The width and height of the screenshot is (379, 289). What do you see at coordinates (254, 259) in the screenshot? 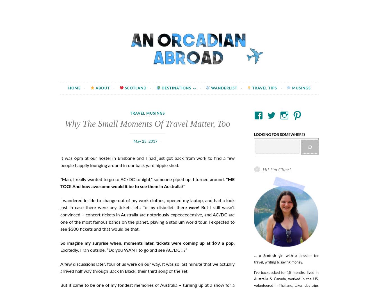
I see `'... a Scottish girl with a passion for travel, writing & saving money.'` at bounding box center [254, 259].